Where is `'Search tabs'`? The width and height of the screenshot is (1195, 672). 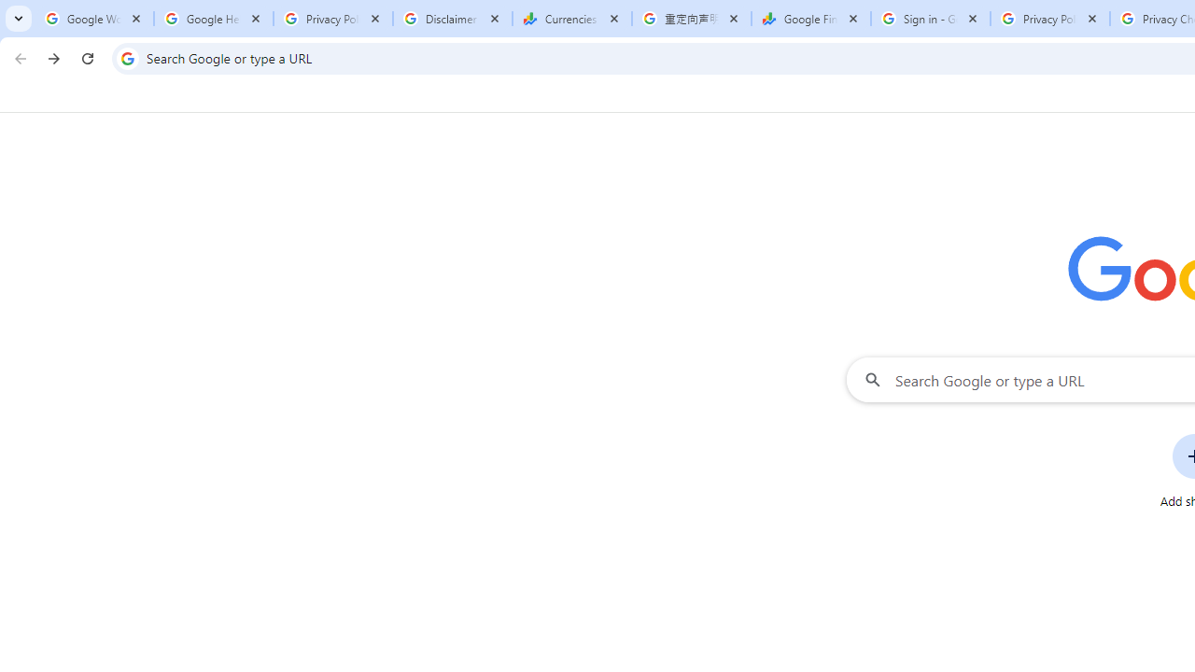 'Search tabs' is located at coordinates (19, 19).